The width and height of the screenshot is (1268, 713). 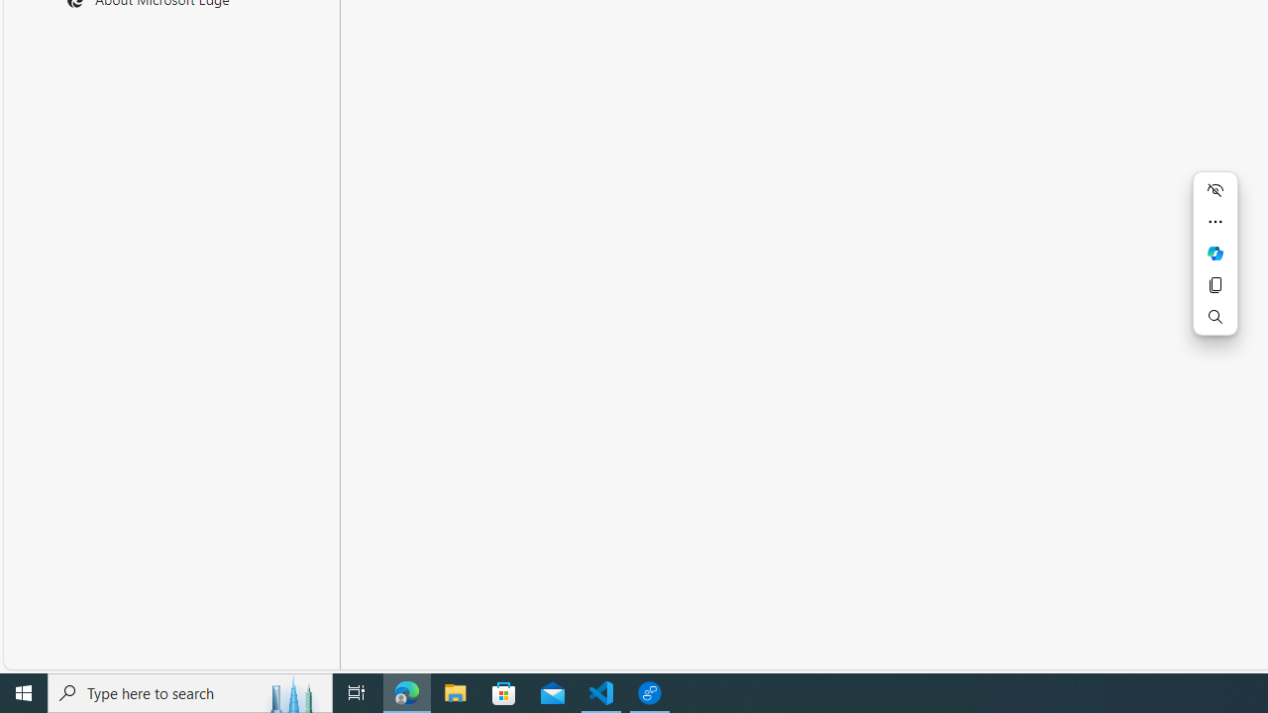 I want to click on 'Mini menu on text selection', so click(x=1214, y=263).